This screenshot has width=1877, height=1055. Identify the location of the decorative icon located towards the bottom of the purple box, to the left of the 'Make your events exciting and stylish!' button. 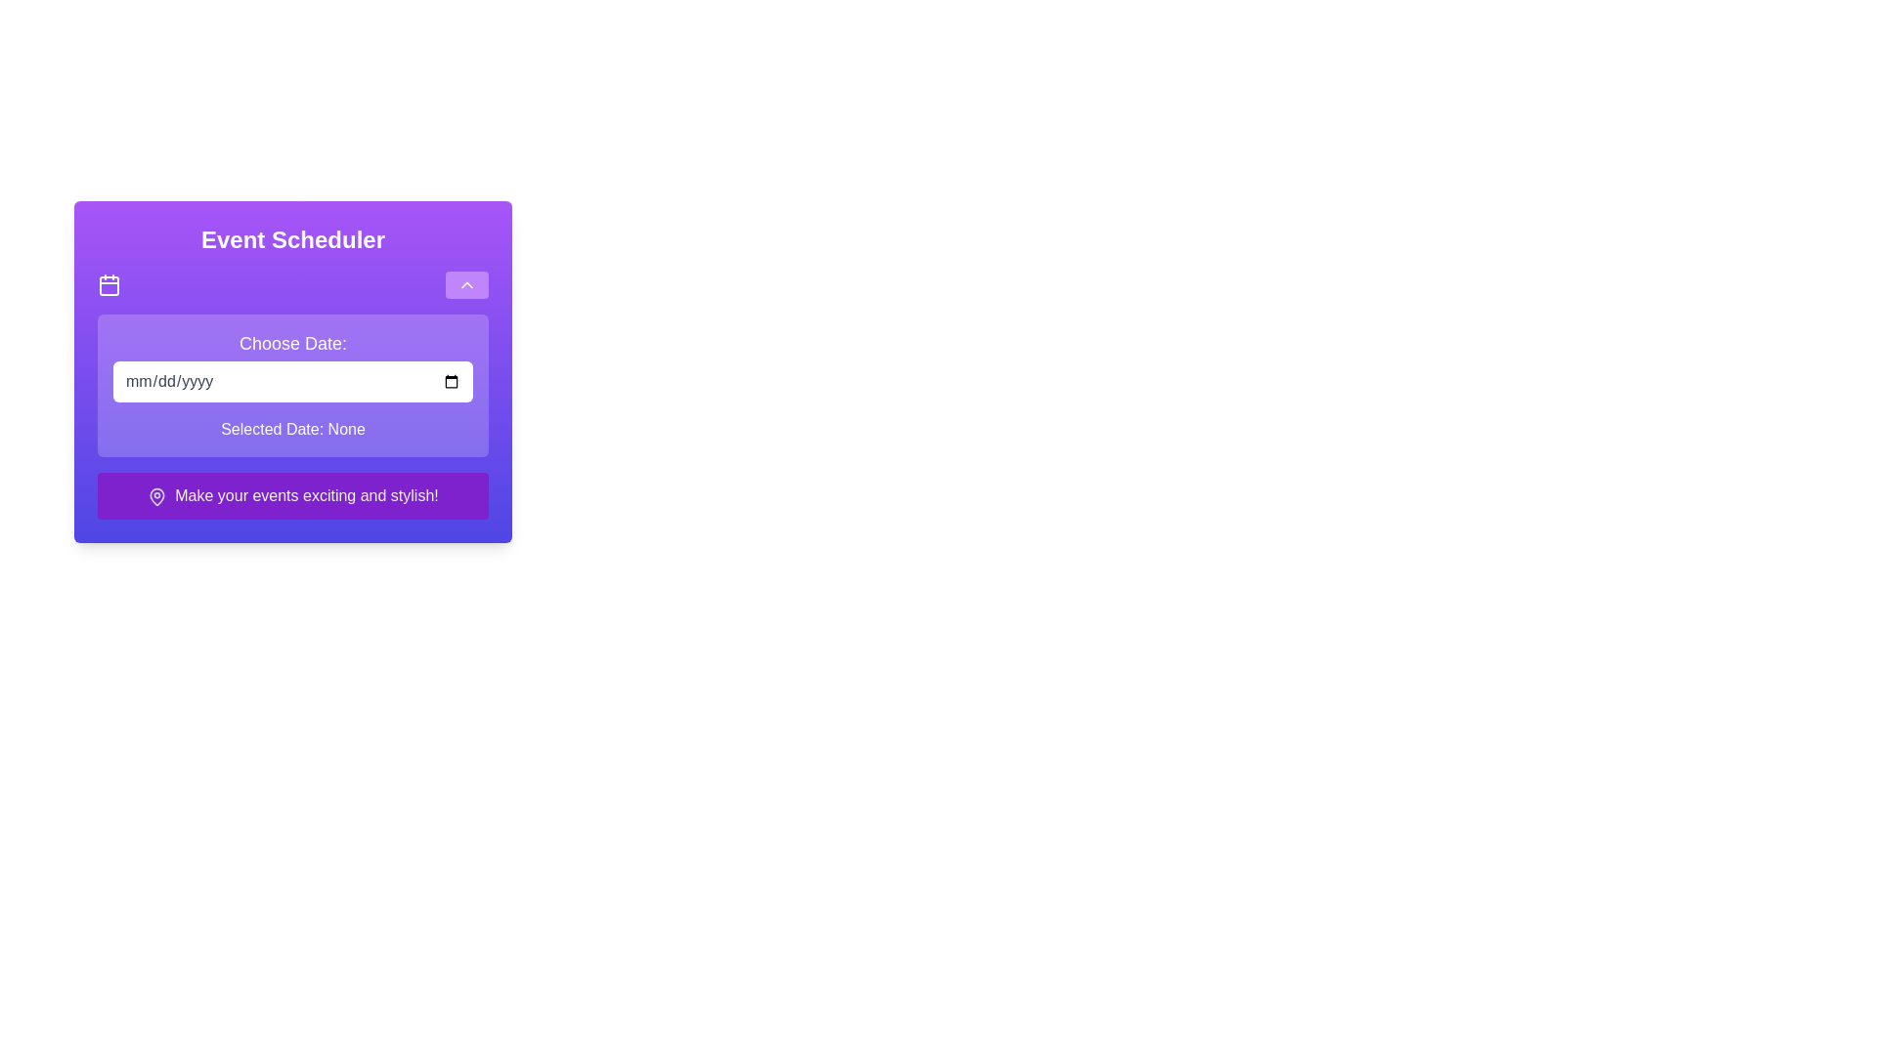
(157, 495).